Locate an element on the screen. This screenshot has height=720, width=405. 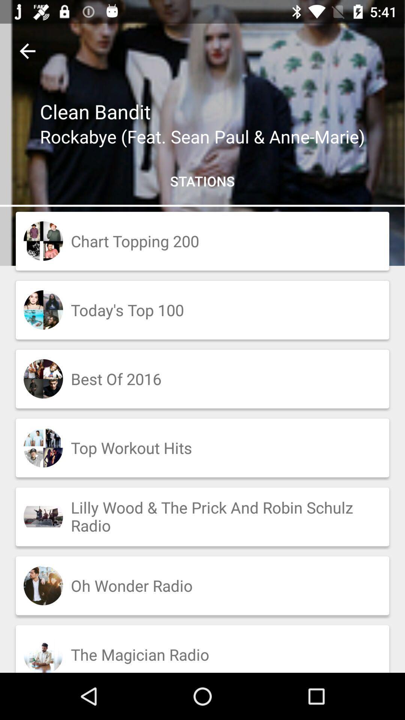
image in third option from bottom is located at coordinates (43, 516).